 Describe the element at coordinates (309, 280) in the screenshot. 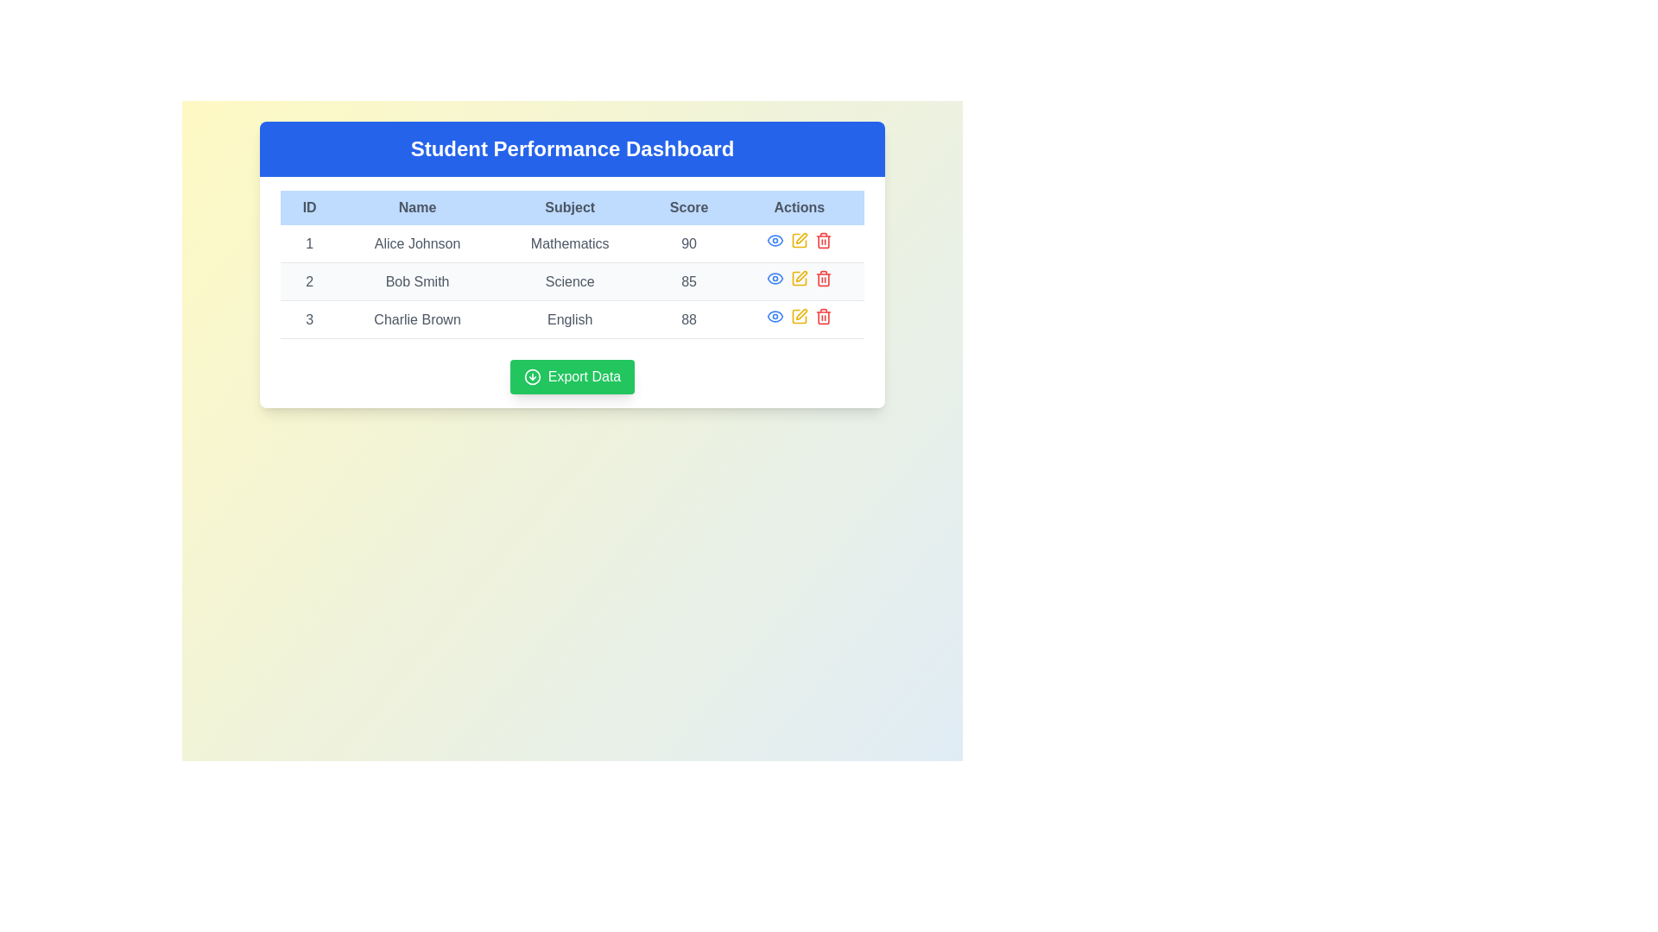

I see `the text field in the second row, first column of the student performance table, located next to 'Bob Smith' and above '3'` at that location.